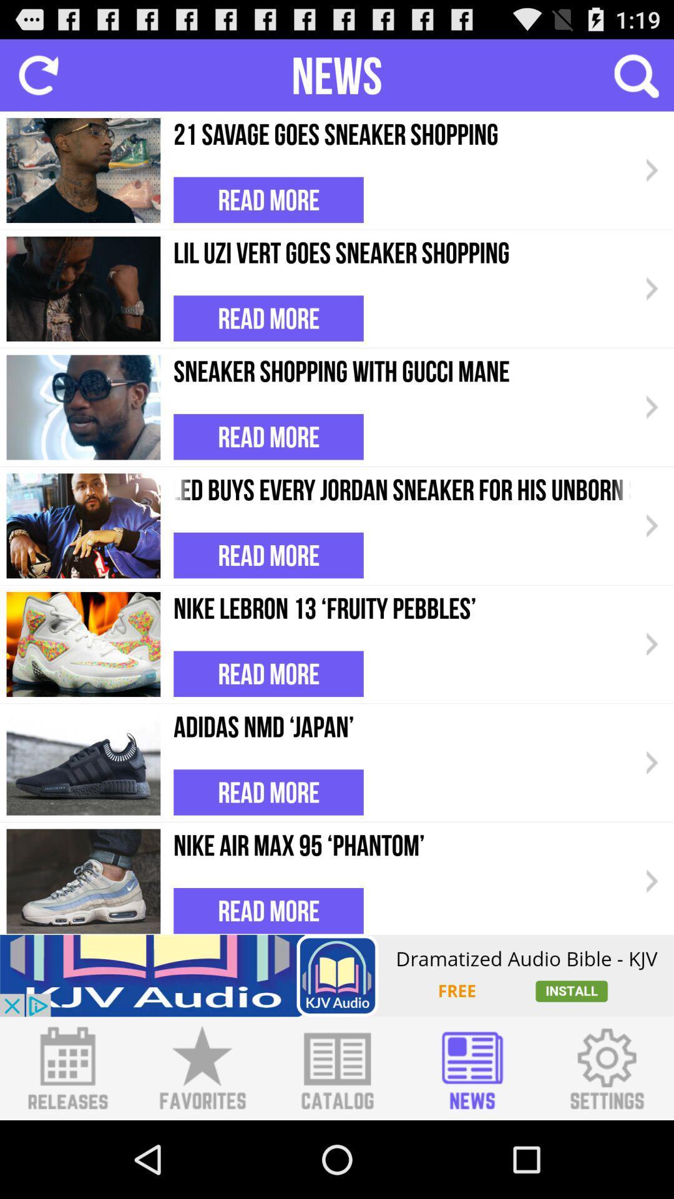 The height and width of the screenshot is (1199, 674). Describe the element at coordinates (67, 1143) in the screenshot. I see `the date_range icon` at that location.